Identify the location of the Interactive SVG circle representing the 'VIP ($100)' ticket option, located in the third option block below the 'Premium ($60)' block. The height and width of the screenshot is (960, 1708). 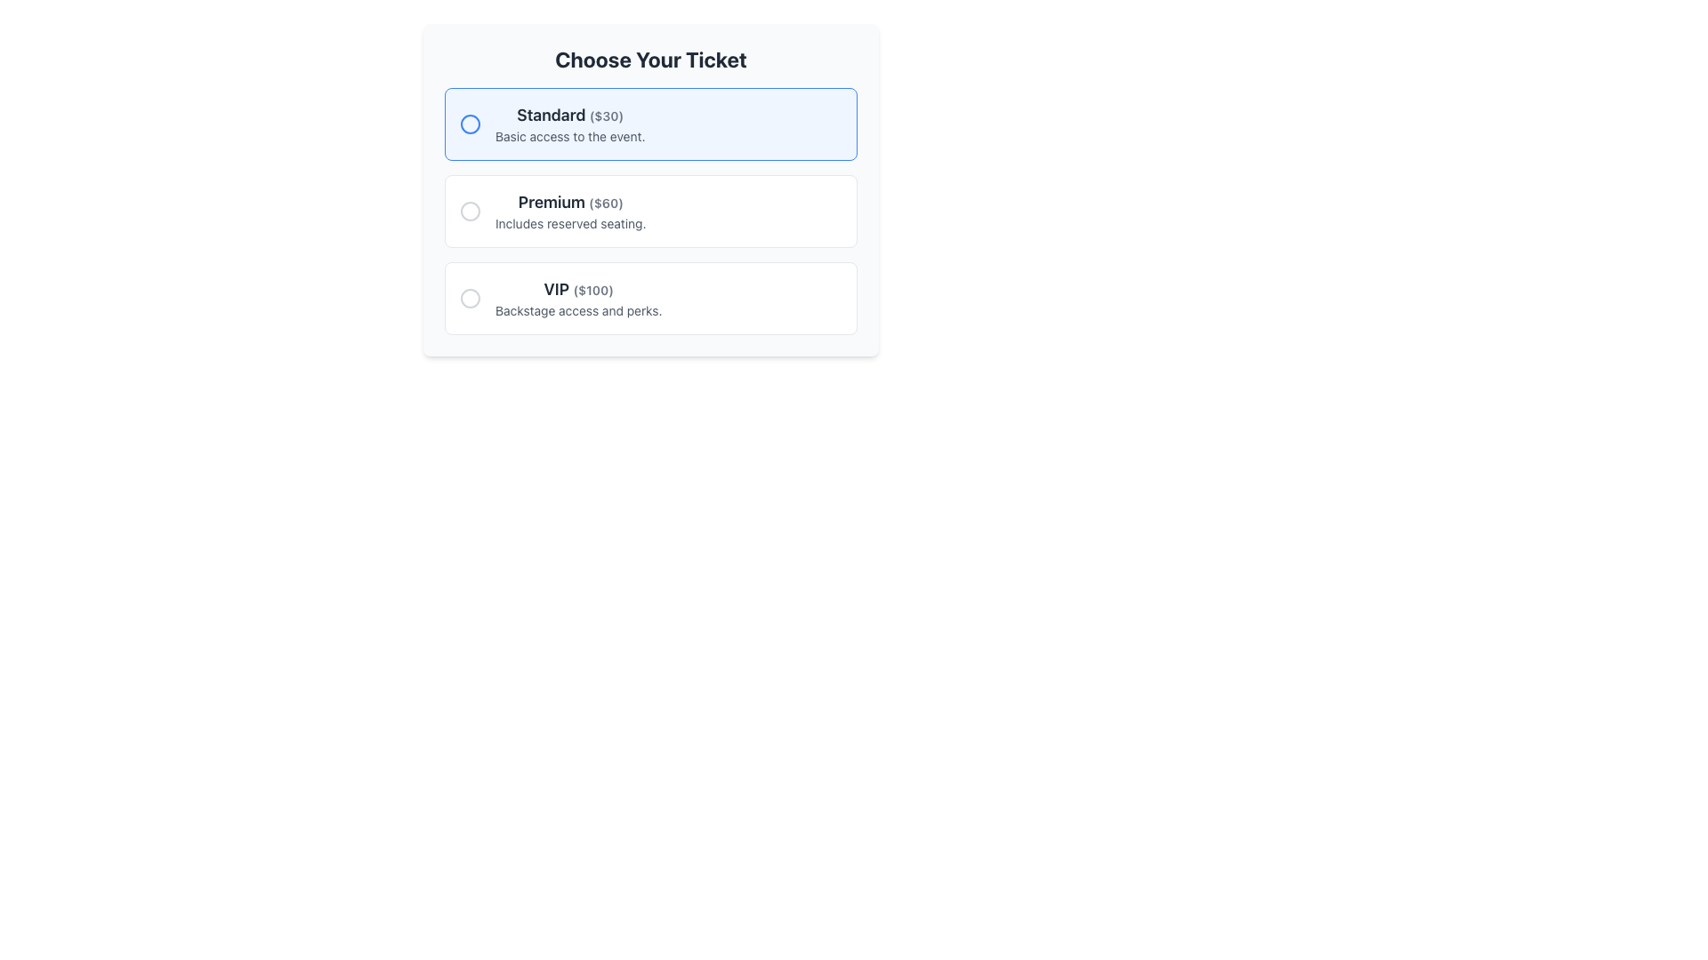
(470, 297).